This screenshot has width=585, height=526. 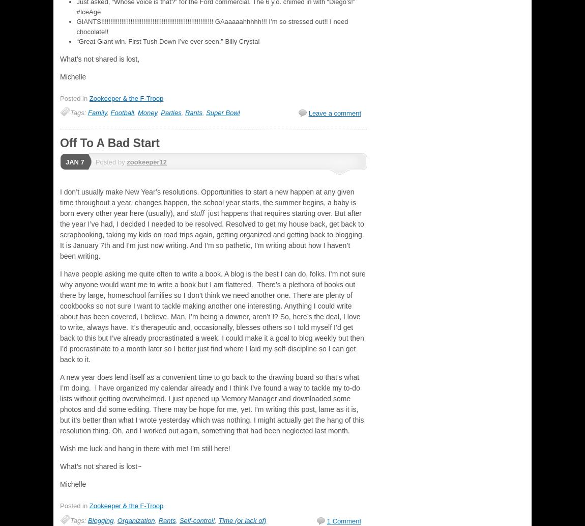 I want to click on 'Money', so click(x=147, y=112).